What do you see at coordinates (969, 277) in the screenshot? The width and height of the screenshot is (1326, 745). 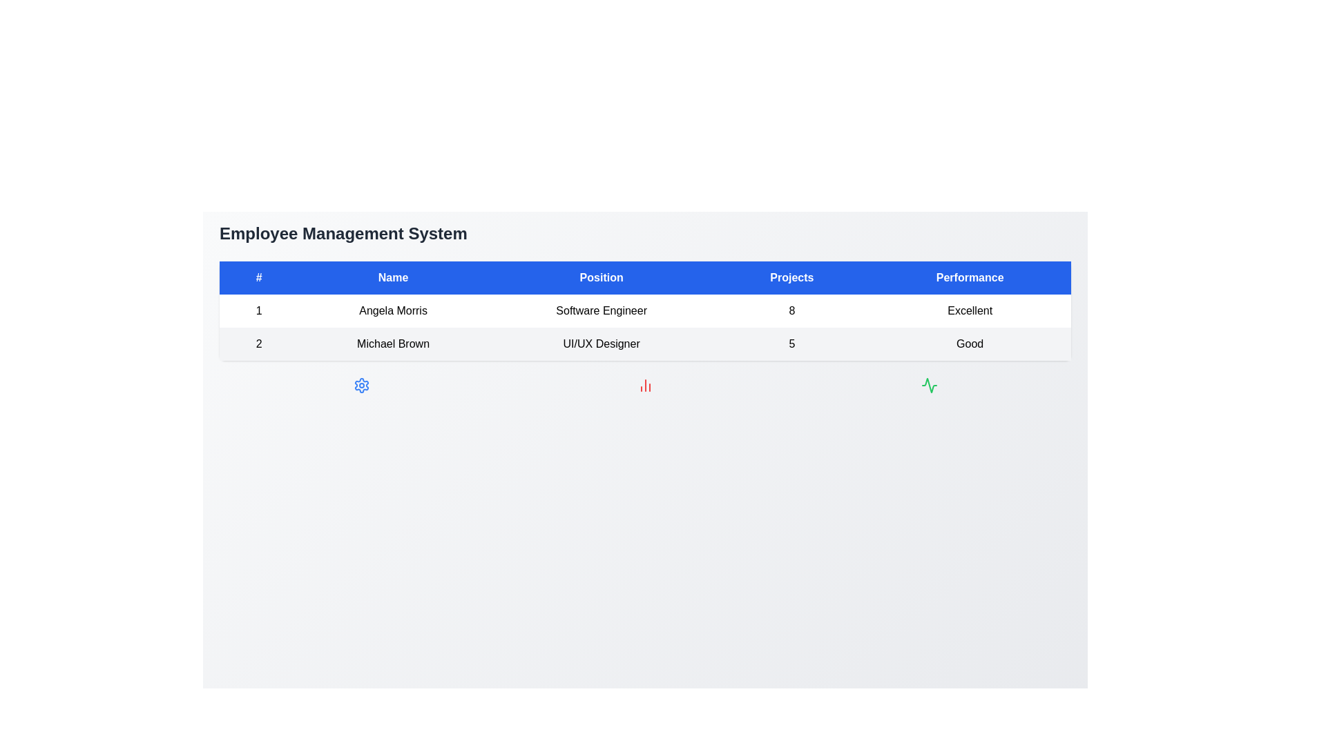 I see `the blue rectangular header labeled 'Performance' in the table, which is the last header in the row and features white text on a solid blue background` at bounding box center [969, 277].